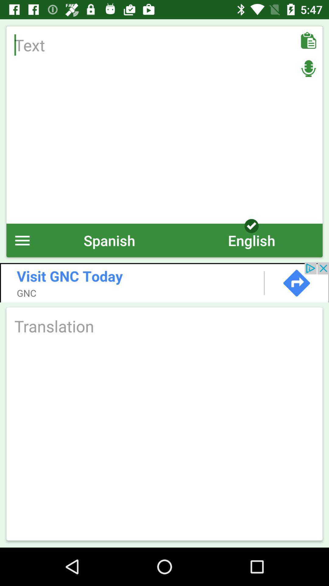 Image resolution: width=329 pixels, height=586 pixels. Describe the element at coordinates (164, 326) in the screenshot. I see `translate something` at that location.